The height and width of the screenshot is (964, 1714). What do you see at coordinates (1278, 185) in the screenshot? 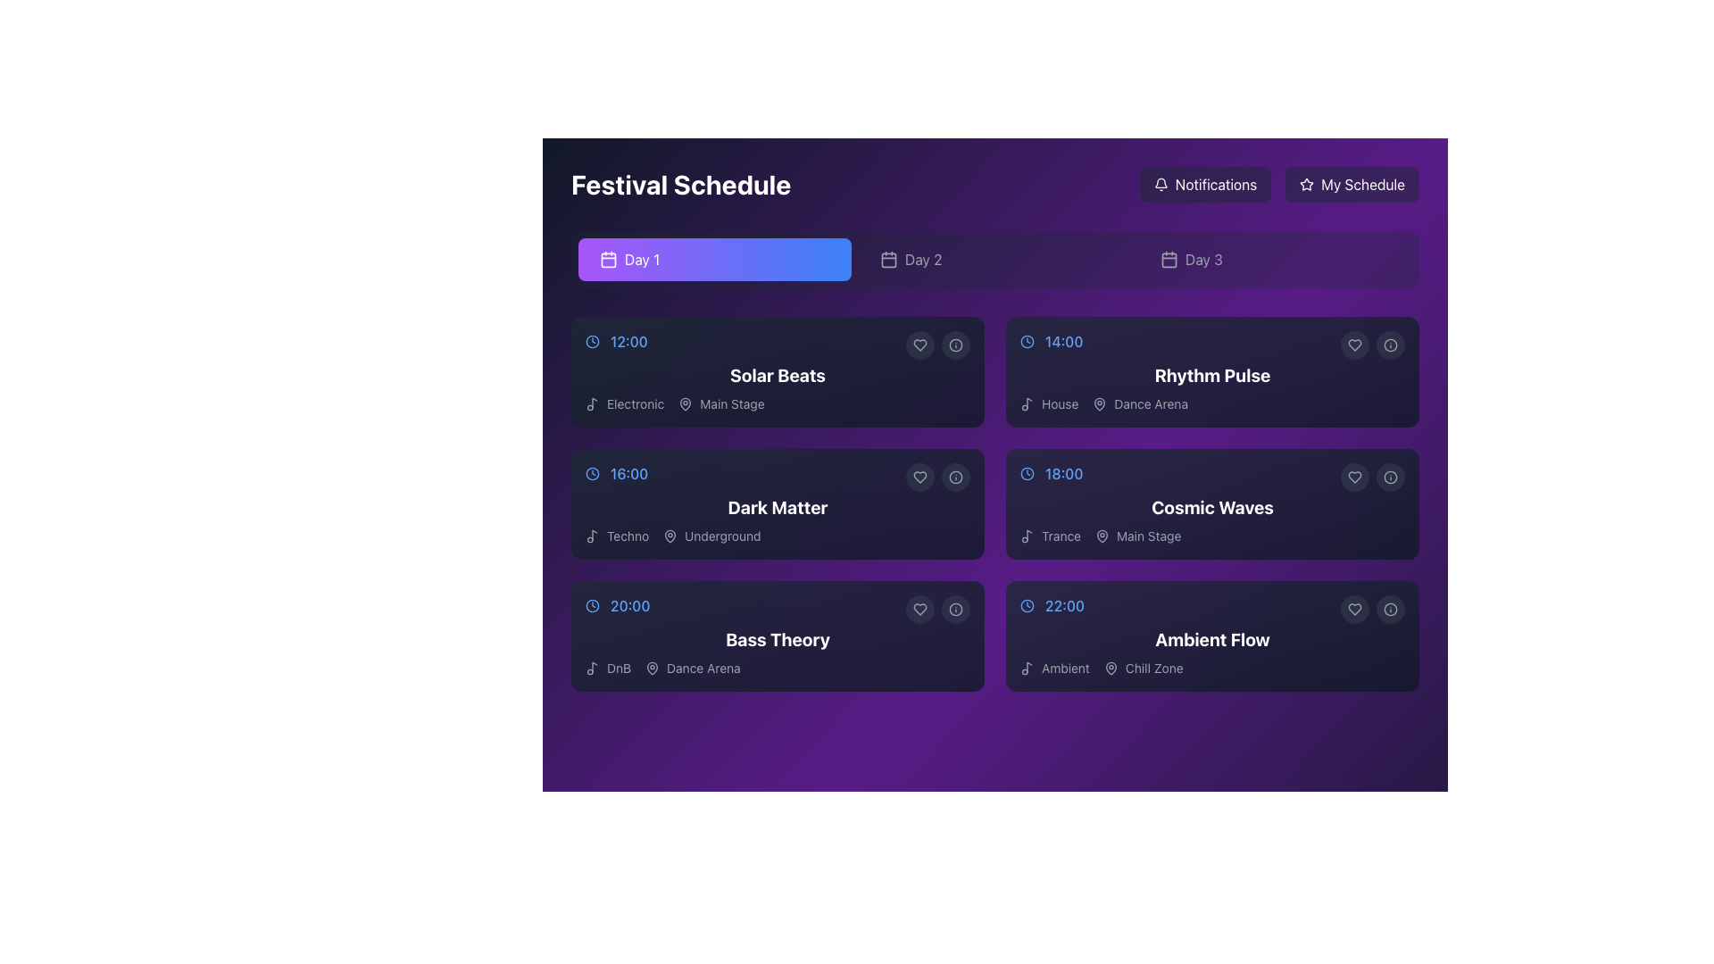
I see `the navigation menu consisting of 'Notifications' and 'My Schedule' buttons` at bounding box center [1278, 185].